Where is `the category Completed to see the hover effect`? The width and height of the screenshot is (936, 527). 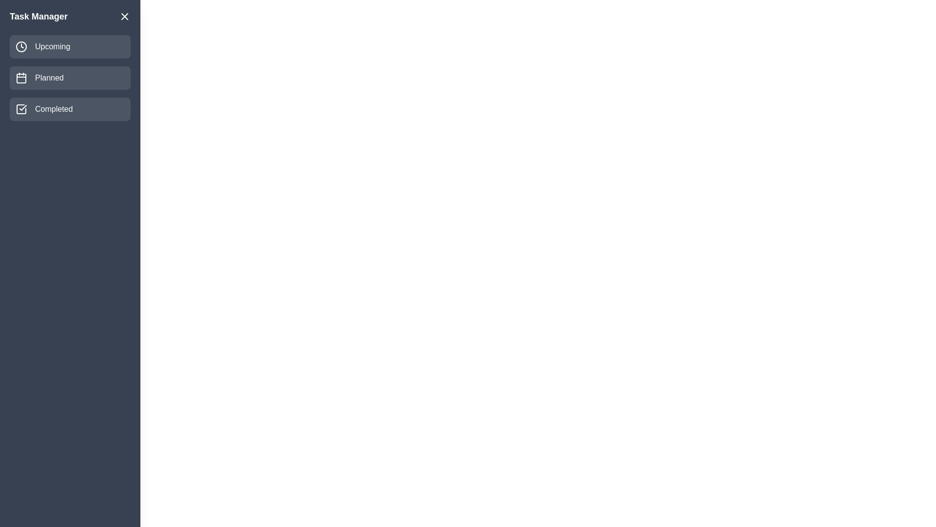 the category Completed to see the hover effect is located at coordinates (70, 109).